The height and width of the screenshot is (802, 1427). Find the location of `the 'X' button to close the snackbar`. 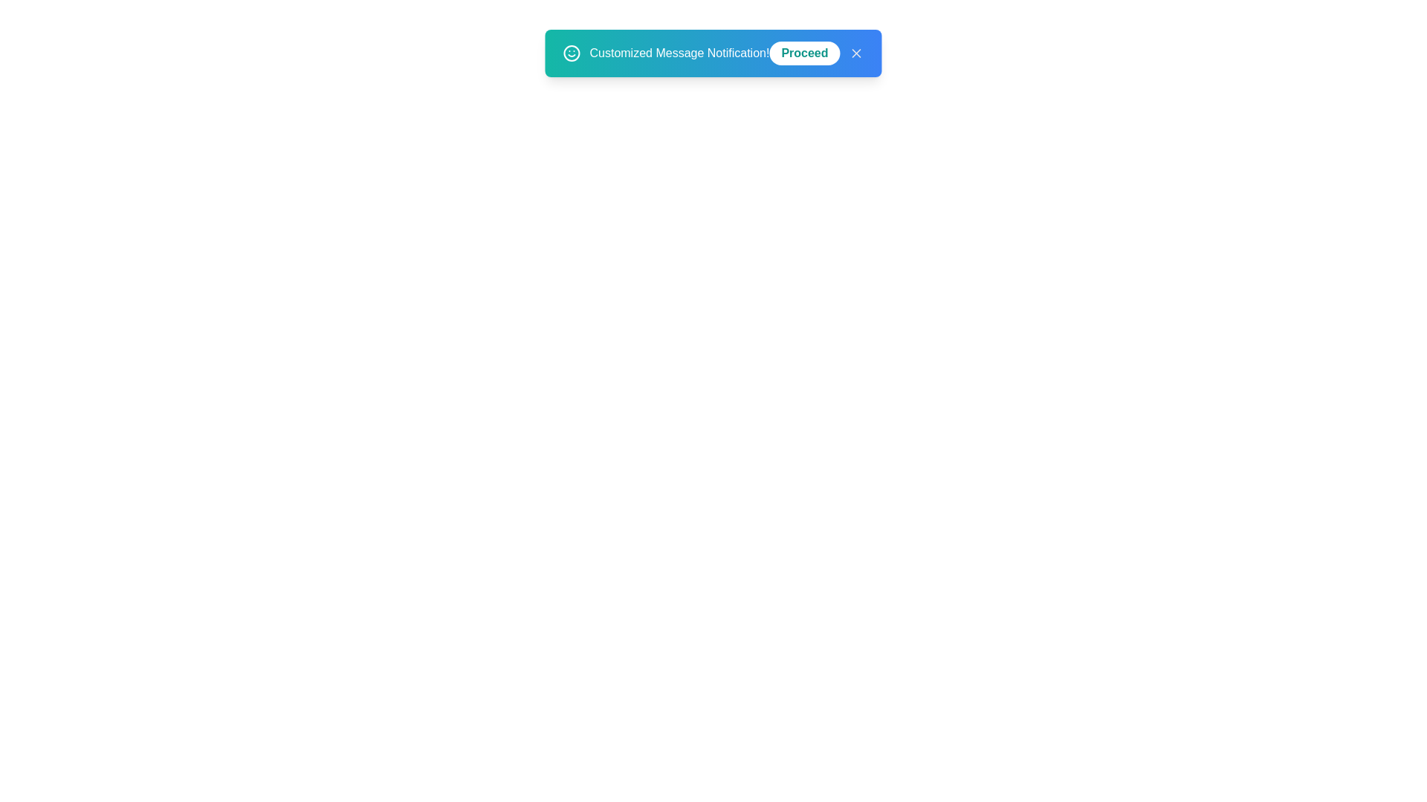

the 'X' button to close the snackbar is located at coordinates (856, 53).